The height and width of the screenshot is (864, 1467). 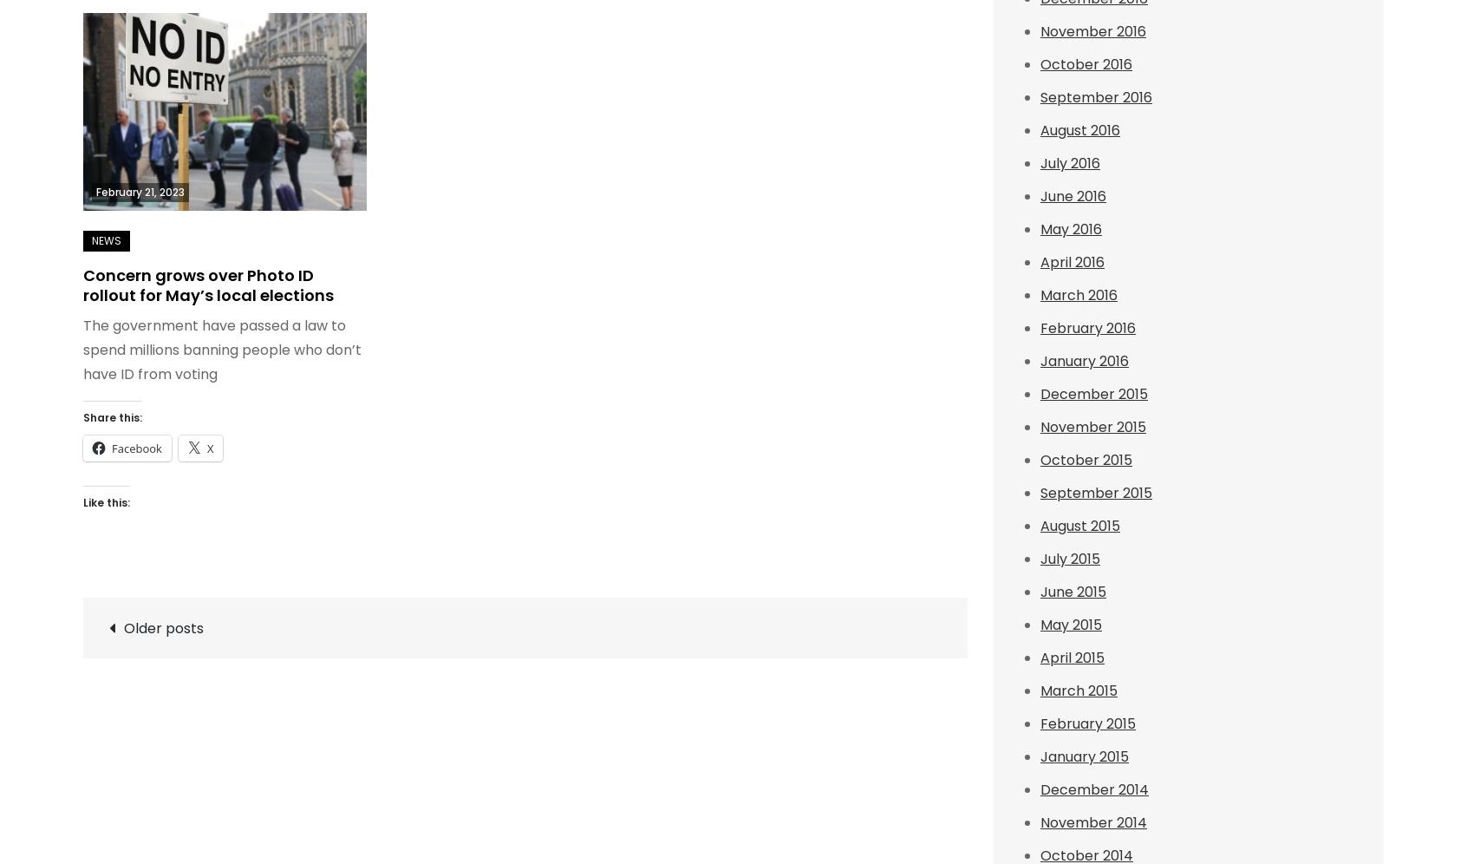 I want to click on 'Like this:', so click(x=107, y=501).